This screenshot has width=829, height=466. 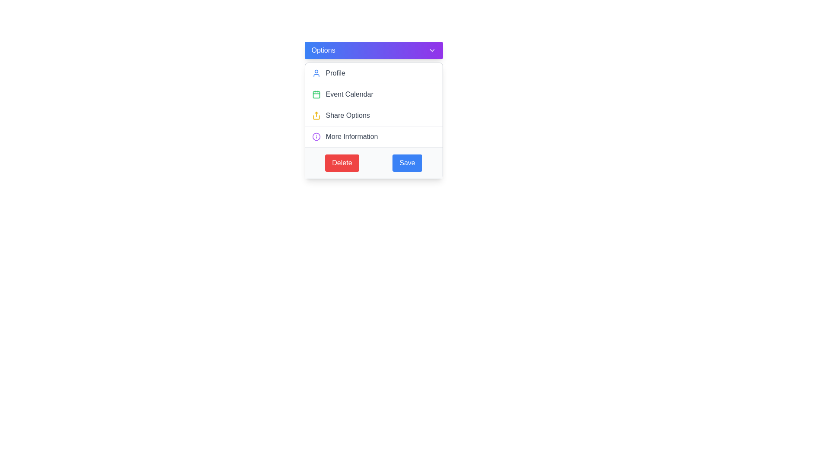 I want to click on the third text label in the dropdown menu that describes sharing options, located between 'Event Calendar' and 'More Information', so click(x=348, y=115).